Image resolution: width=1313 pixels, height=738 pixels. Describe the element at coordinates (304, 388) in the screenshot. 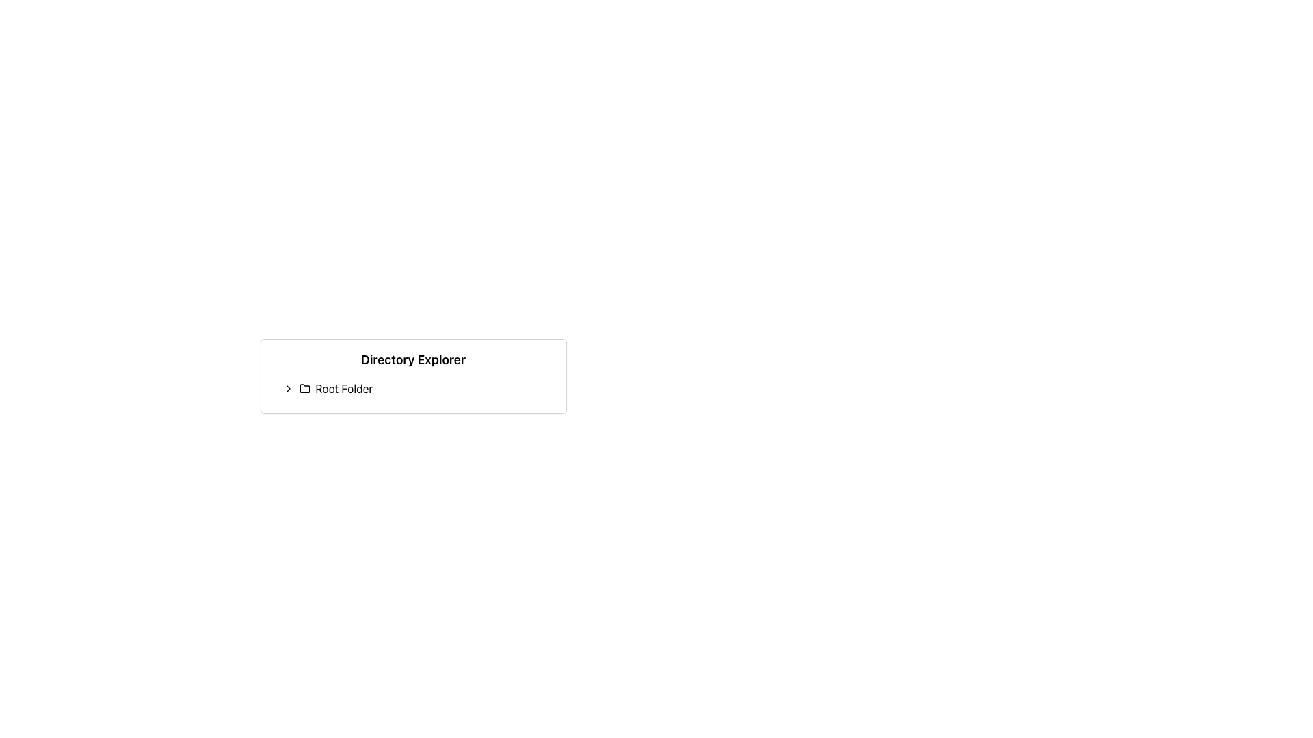

I see `the appearance of the folder icon located to the left of the text 'Root Folder' in the directory structure` at that location.